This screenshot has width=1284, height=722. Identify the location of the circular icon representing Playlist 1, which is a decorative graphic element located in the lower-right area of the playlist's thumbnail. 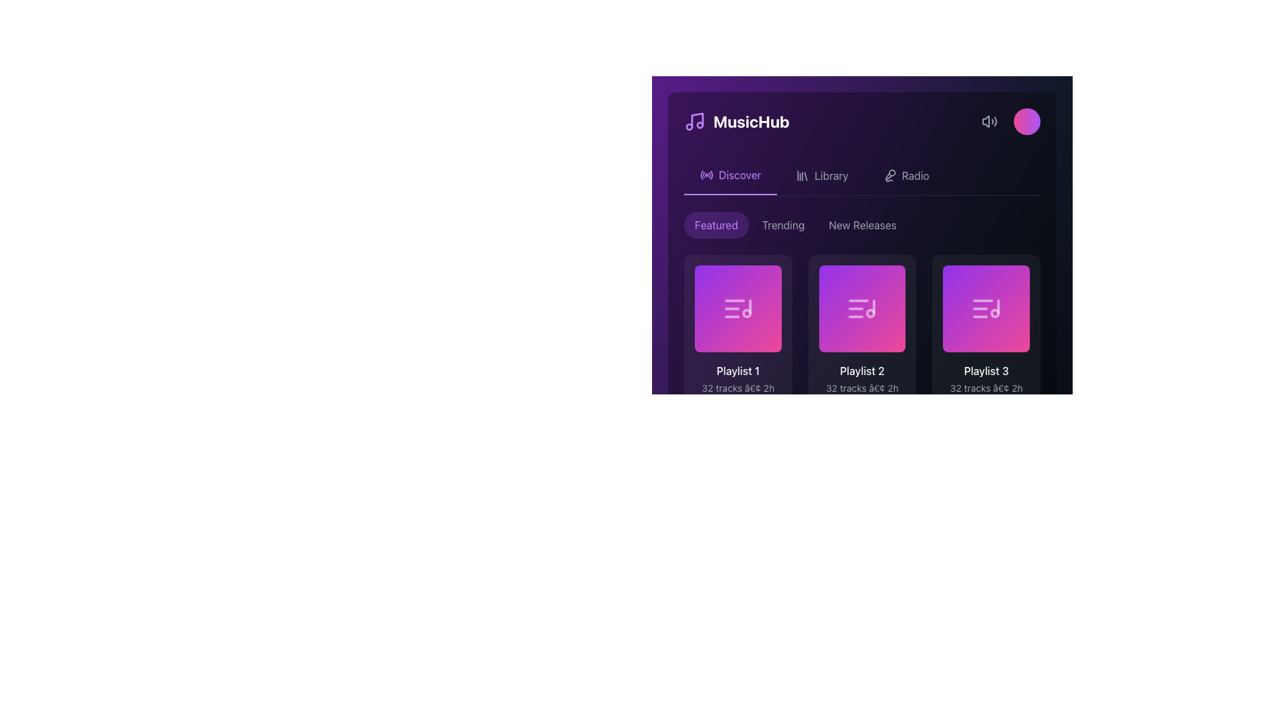
(746, 313).